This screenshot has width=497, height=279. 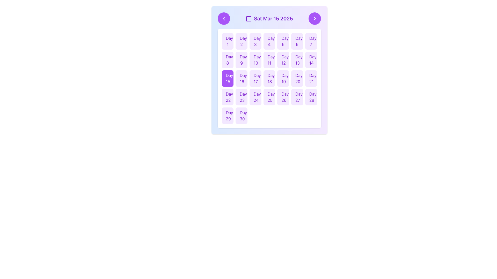 What do you see at coordinates (241, 59) in the screenshot?
I see `the rounded rectangular button labeled 'Day 9' with a purple background` at bounding box center [241, 59].